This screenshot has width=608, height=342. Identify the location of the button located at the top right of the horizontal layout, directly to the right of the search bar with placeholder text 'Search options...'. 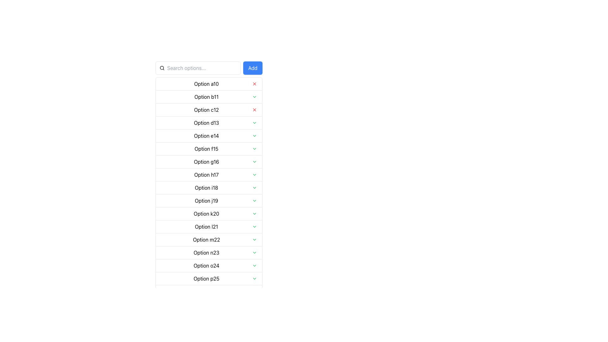
(252, 68).